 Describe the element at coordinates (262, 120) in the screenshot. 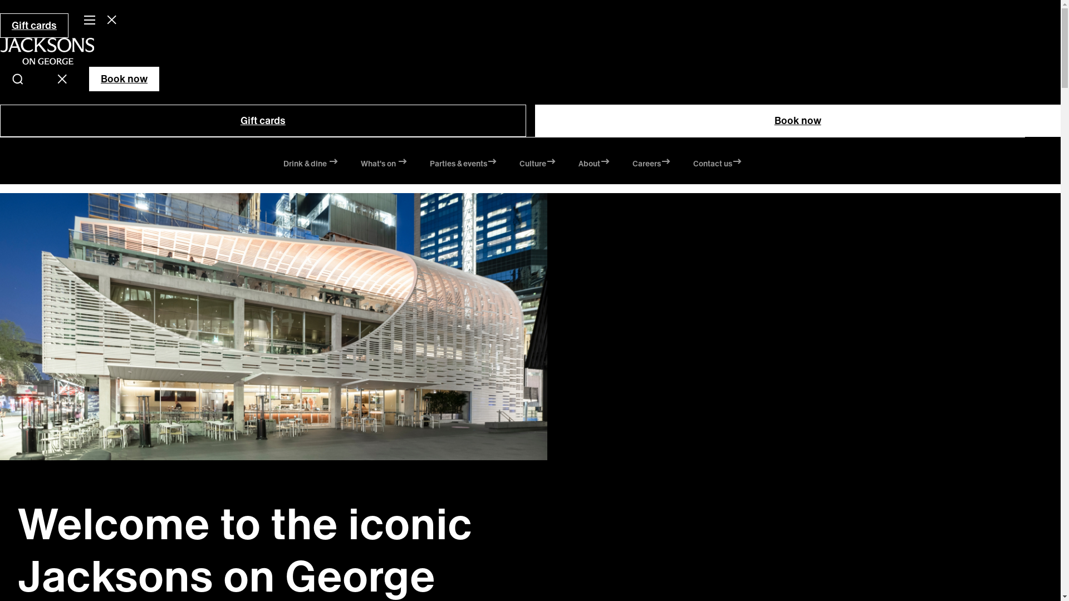

I see `'Gift cards'` at that location.